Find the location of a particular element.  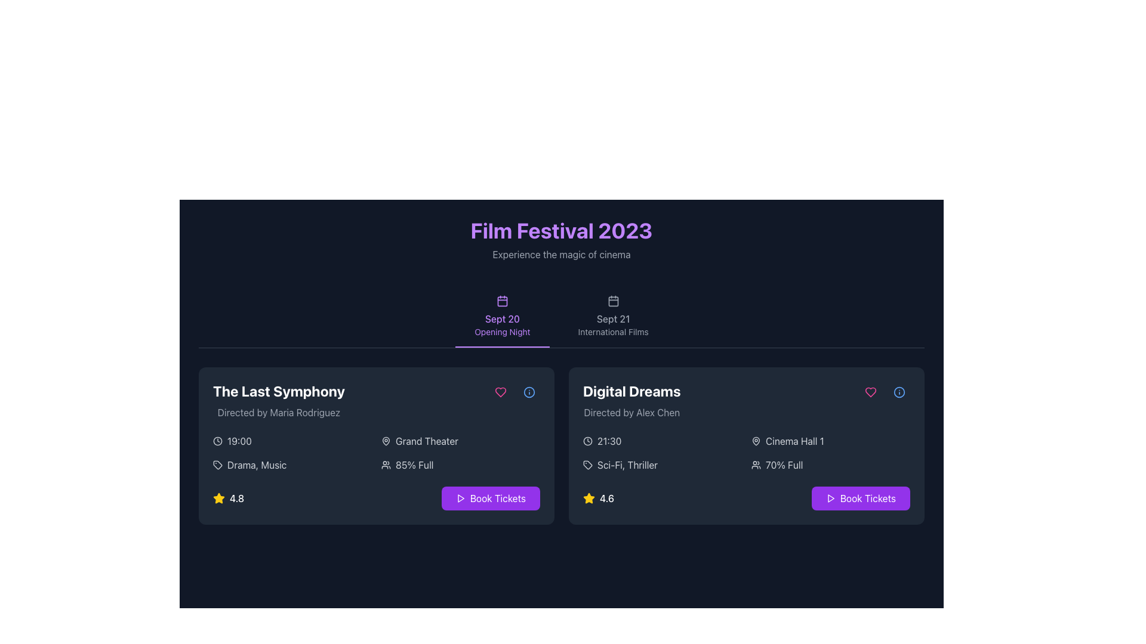

the decorative icon representing the genre or category of the movie 'Digital Dreams', located near the text 'Sci-Fi, Thriller' in the metadata section is located at coordinates (587, 464).